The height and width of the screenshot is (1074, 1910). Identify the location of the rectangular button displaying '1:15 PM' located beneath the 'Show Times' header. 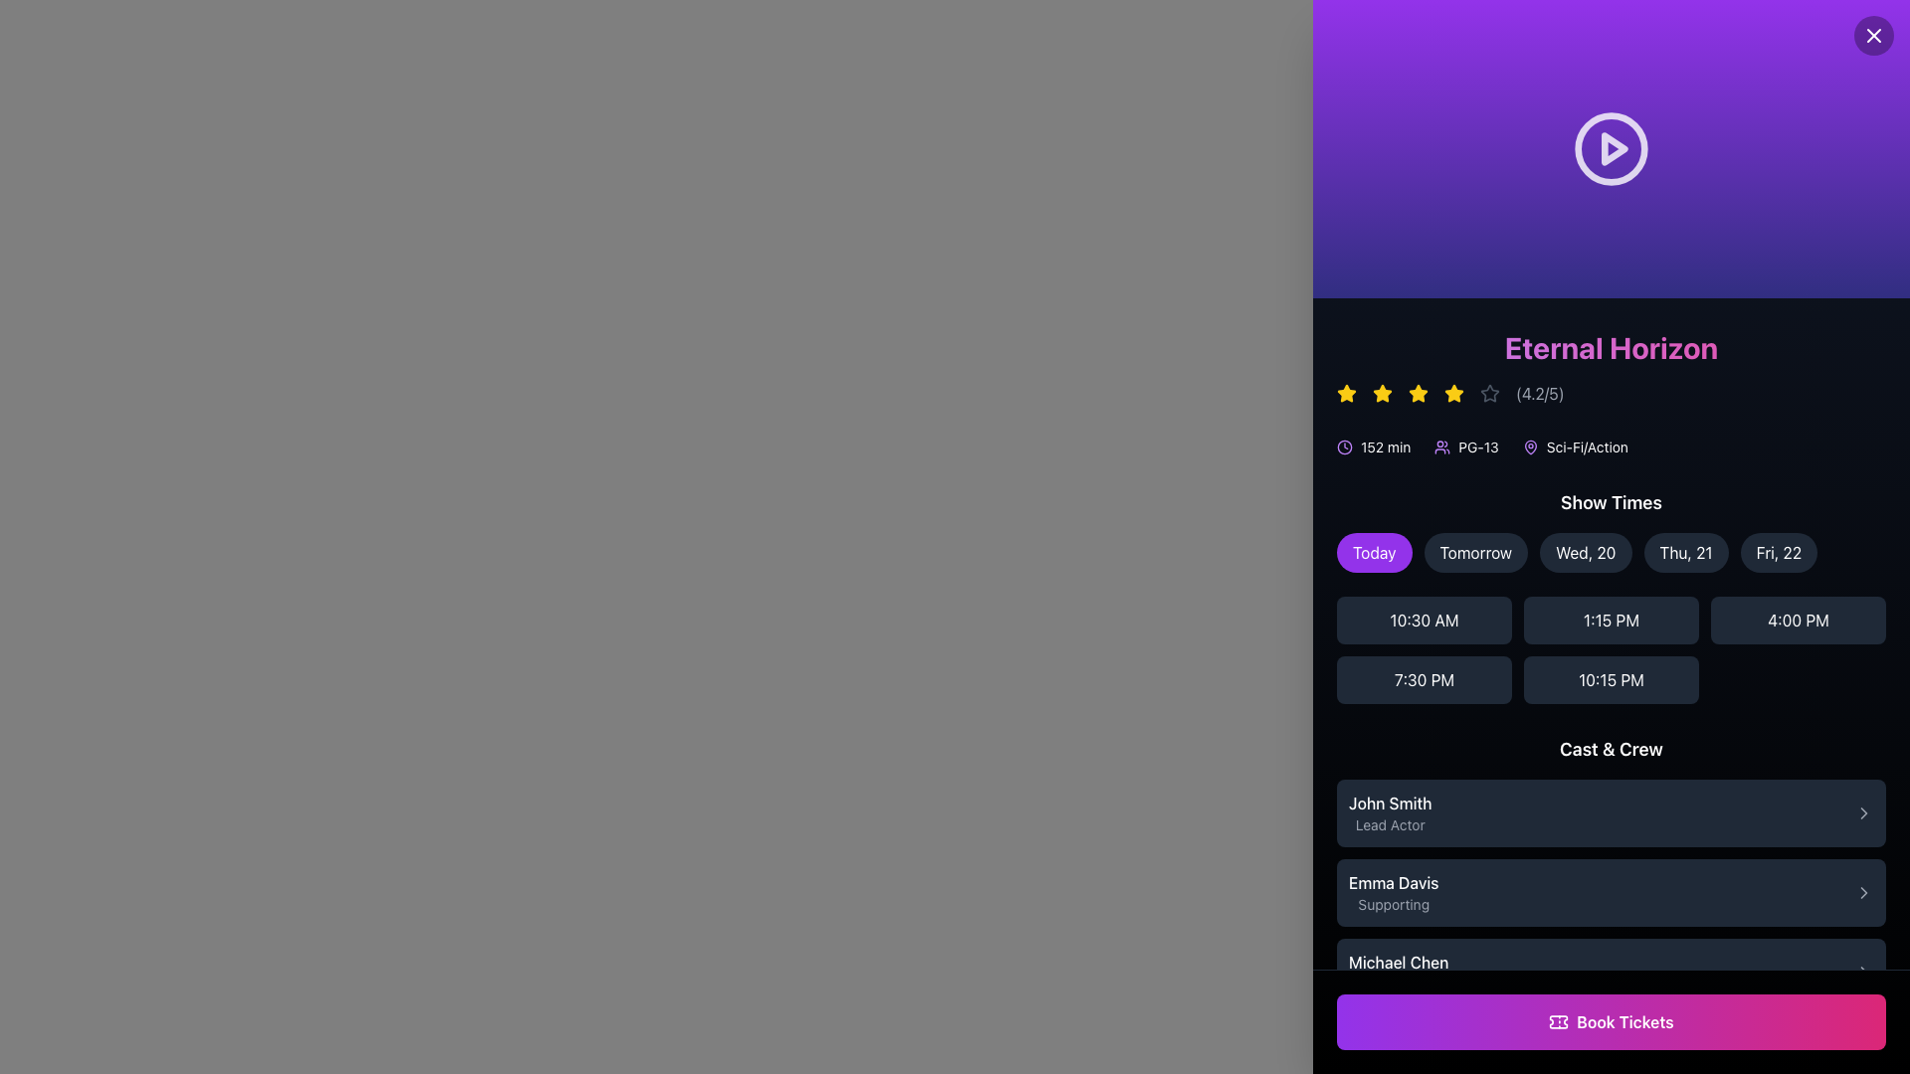
(1612, 596).